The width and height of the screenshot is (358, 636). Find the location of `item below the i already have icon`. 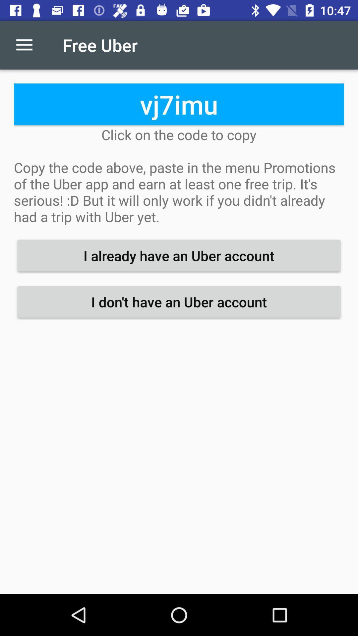

item below the i already have icon is located at coordinates (179, 301).